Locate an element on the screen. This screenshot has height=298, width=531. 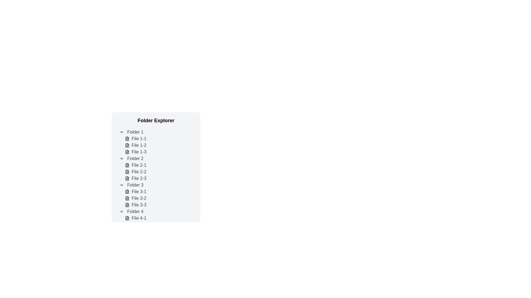
the document icon located next to the text 'File 2-2' under 'Folder 2' is located at coordinates (127, 172).